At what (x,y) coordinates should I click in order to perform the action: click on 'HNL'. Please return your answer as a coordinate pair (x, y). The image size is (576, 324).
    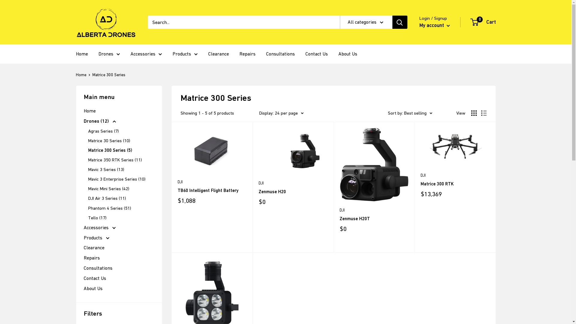
    Looking at the image, I should click on (91, 18).